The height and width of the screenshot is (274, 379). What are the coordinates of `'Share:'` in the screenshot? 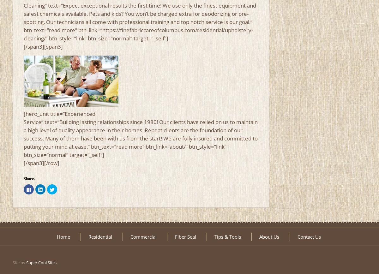 It's located at (29, 178).